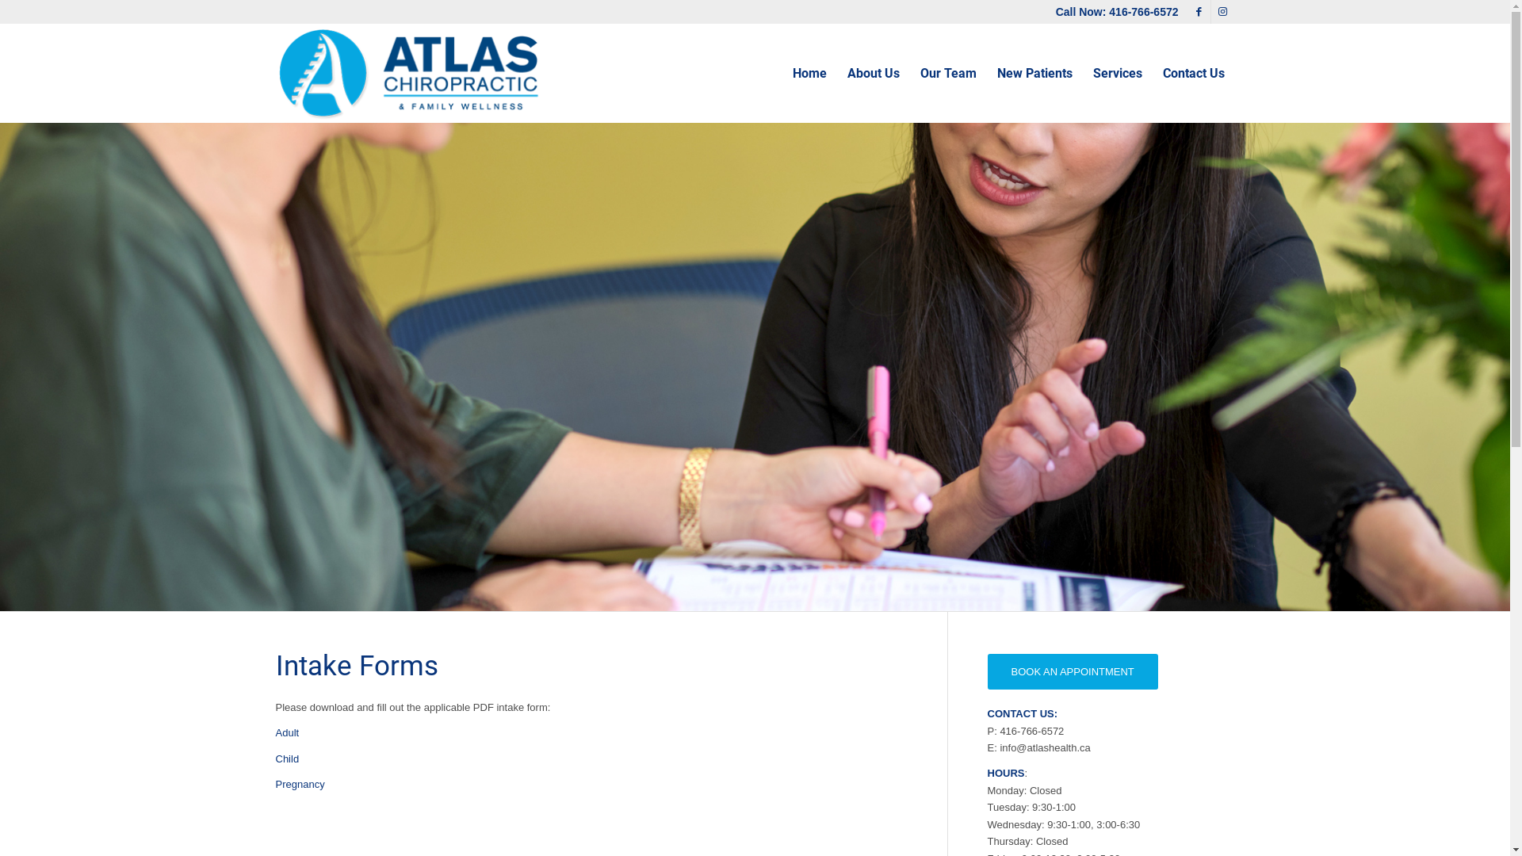  I want to click on 'Intake', so click(754, 366).